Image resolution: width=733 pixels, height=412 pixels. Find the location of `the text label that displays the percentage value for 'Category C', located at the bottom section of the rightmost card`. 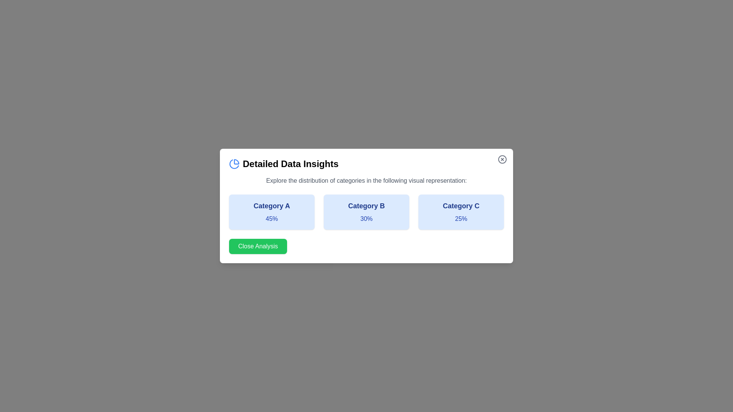

the text label that displays the percentage value for 'Category C', located at the bottom section of the rightmost card is located at coordinates (461, 219).